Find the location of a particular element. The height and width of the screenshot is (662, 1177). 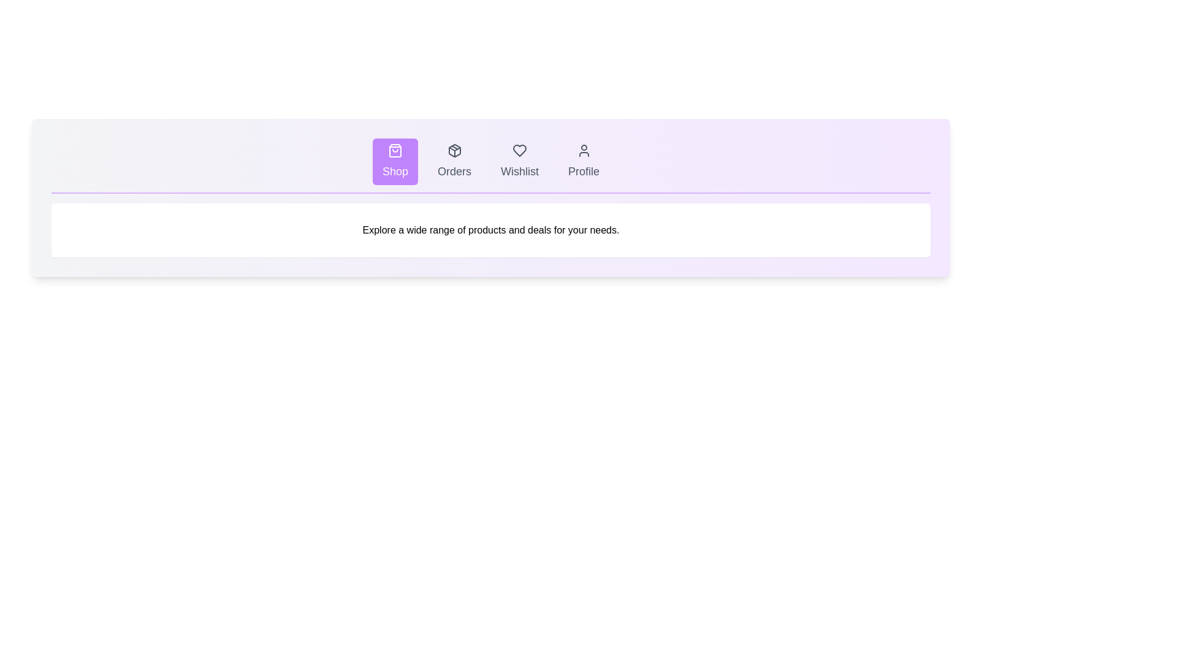

the Wishlist tab to observe its hover effect is located at coordinates (520, 161).